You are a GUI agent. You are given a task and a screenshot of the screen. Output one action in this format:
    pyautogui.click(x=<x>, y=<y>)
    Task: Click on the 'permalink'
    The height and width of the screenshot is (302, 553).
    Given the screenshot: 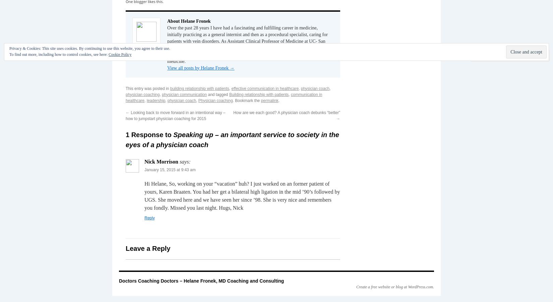 What is the action you would take?
    pyautogui.click(x=269, y=100)
    